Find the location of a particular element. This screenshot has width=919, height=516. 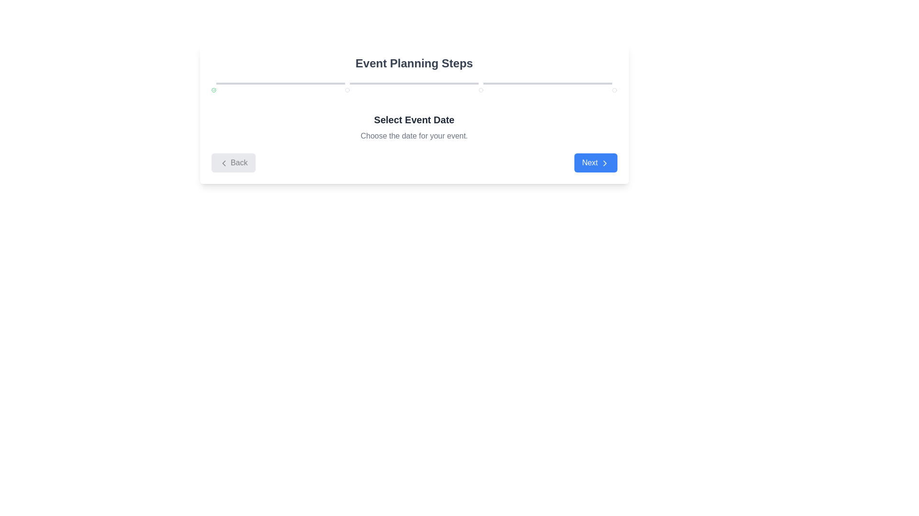

instructions provided in the composite card UI component that guides the user through the multi-step event planning process, specifically focusing on the current step of selecting a date is located at coordinates (414, 114).